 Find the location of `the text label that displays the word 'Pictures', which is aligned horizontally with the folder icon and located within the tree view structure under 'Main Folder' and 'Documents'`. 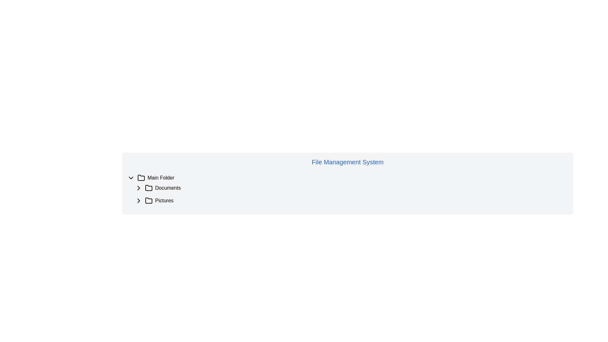

the text label that displays the word 'Pictures', which is aligned horizontally with the folder icon and located within the tree view structure under 'Main Folder' and 'Documents' is located at coordinates (164, 200).